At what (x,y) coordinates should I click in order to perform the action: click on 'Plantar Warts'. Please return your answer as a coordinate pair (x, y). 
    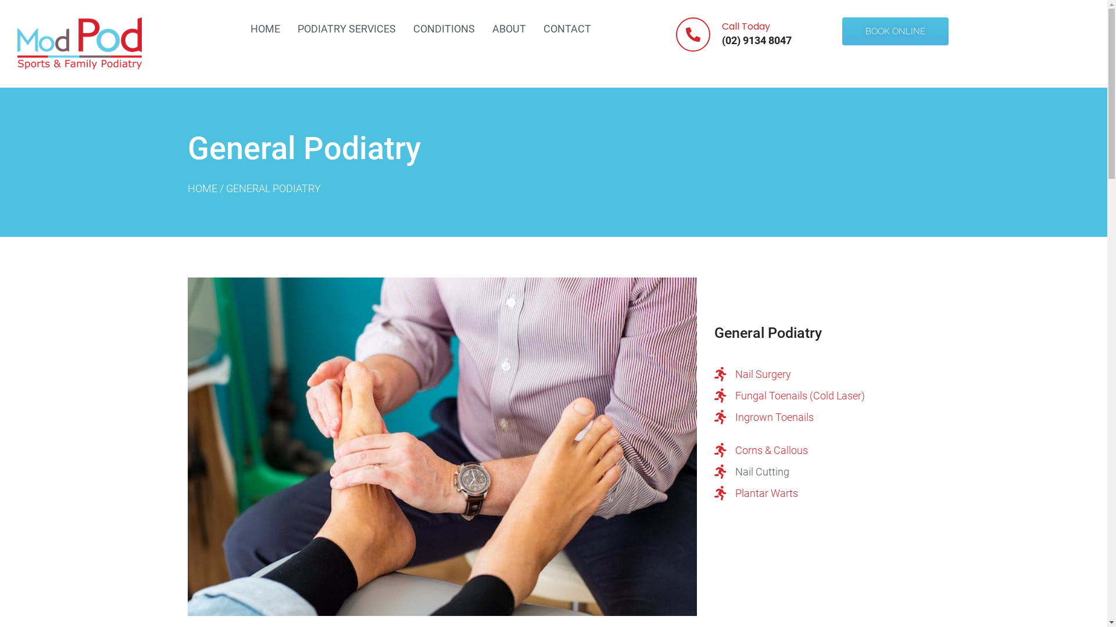
    Looking at the image, I should click on (713, 493).